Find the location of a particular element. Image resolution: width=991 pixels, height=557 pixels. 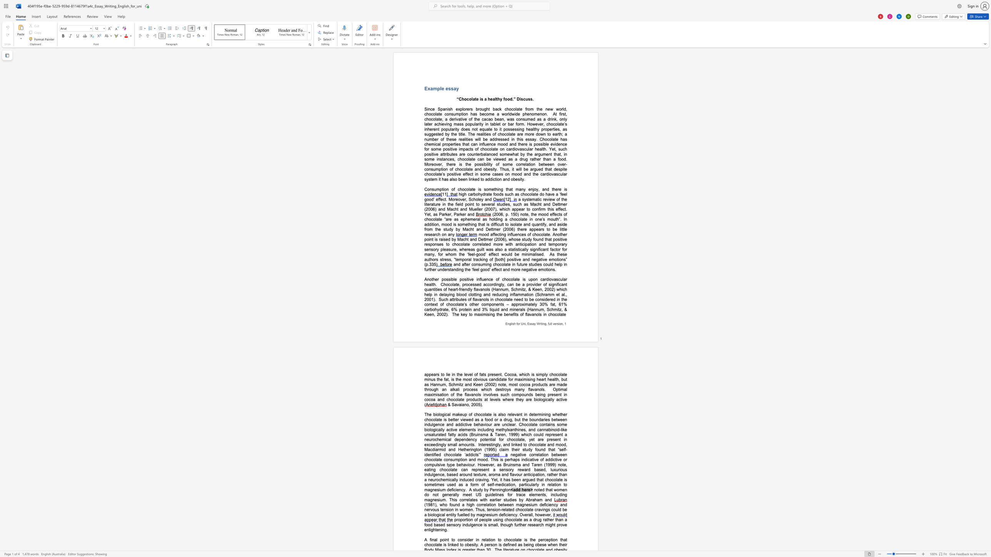

the 1th character "," in the text is located at coordinates (545, 474).